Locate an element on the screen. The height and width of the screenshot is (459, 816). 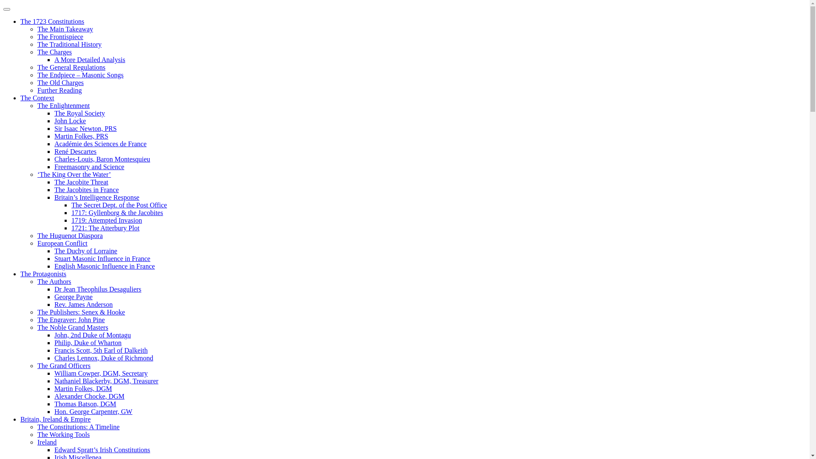
'Sir Isaac Newton, PRS' is located at coordinates (85, 128).